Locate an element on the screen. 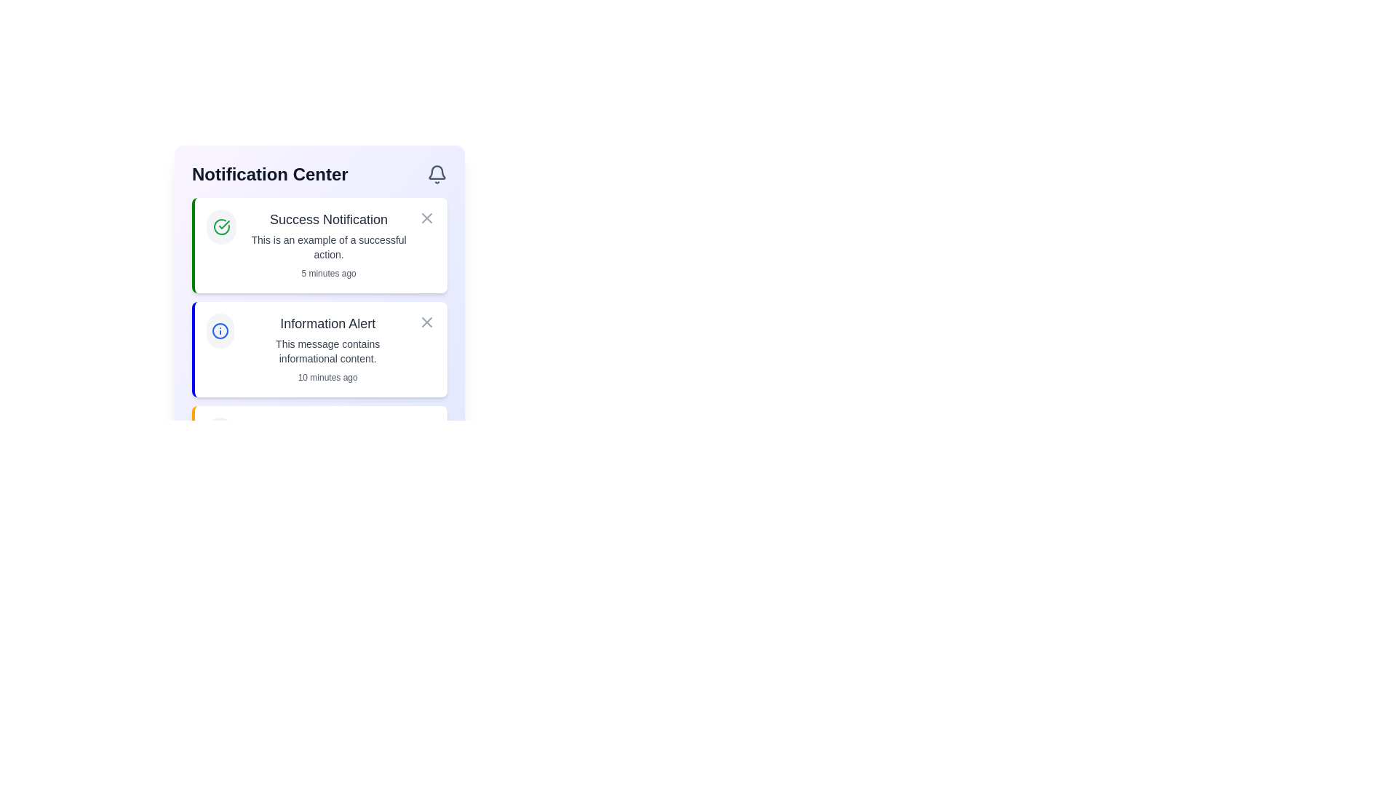  the circular icon with a light gray background containing a green checkmark, located on the left side of the 'Success Notification' title within a notification card is located at coordinates (220, 227).